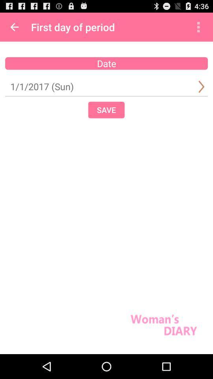  I want to click on the save icon, so click(106, 109).